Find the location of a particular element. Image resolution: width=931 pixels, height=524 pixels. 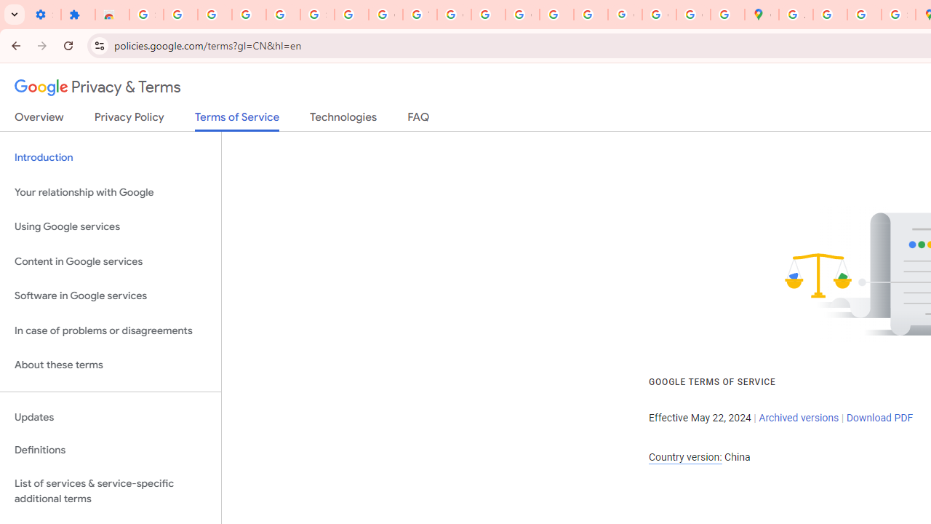

'Settings - On startup' is located at coordinates (44, 15).